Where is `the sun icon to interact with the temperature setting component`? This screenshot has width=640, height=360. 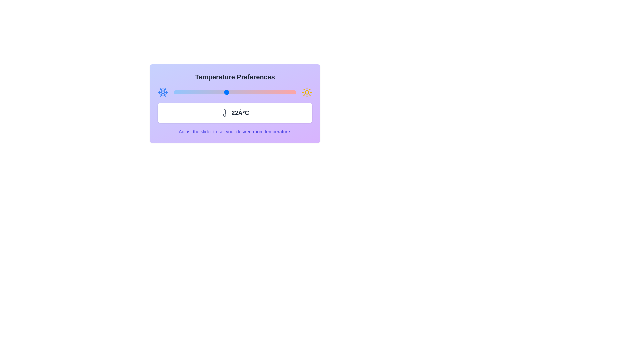
the sun icon to interact with the temperature setting component is located at coordinates (307, 92).